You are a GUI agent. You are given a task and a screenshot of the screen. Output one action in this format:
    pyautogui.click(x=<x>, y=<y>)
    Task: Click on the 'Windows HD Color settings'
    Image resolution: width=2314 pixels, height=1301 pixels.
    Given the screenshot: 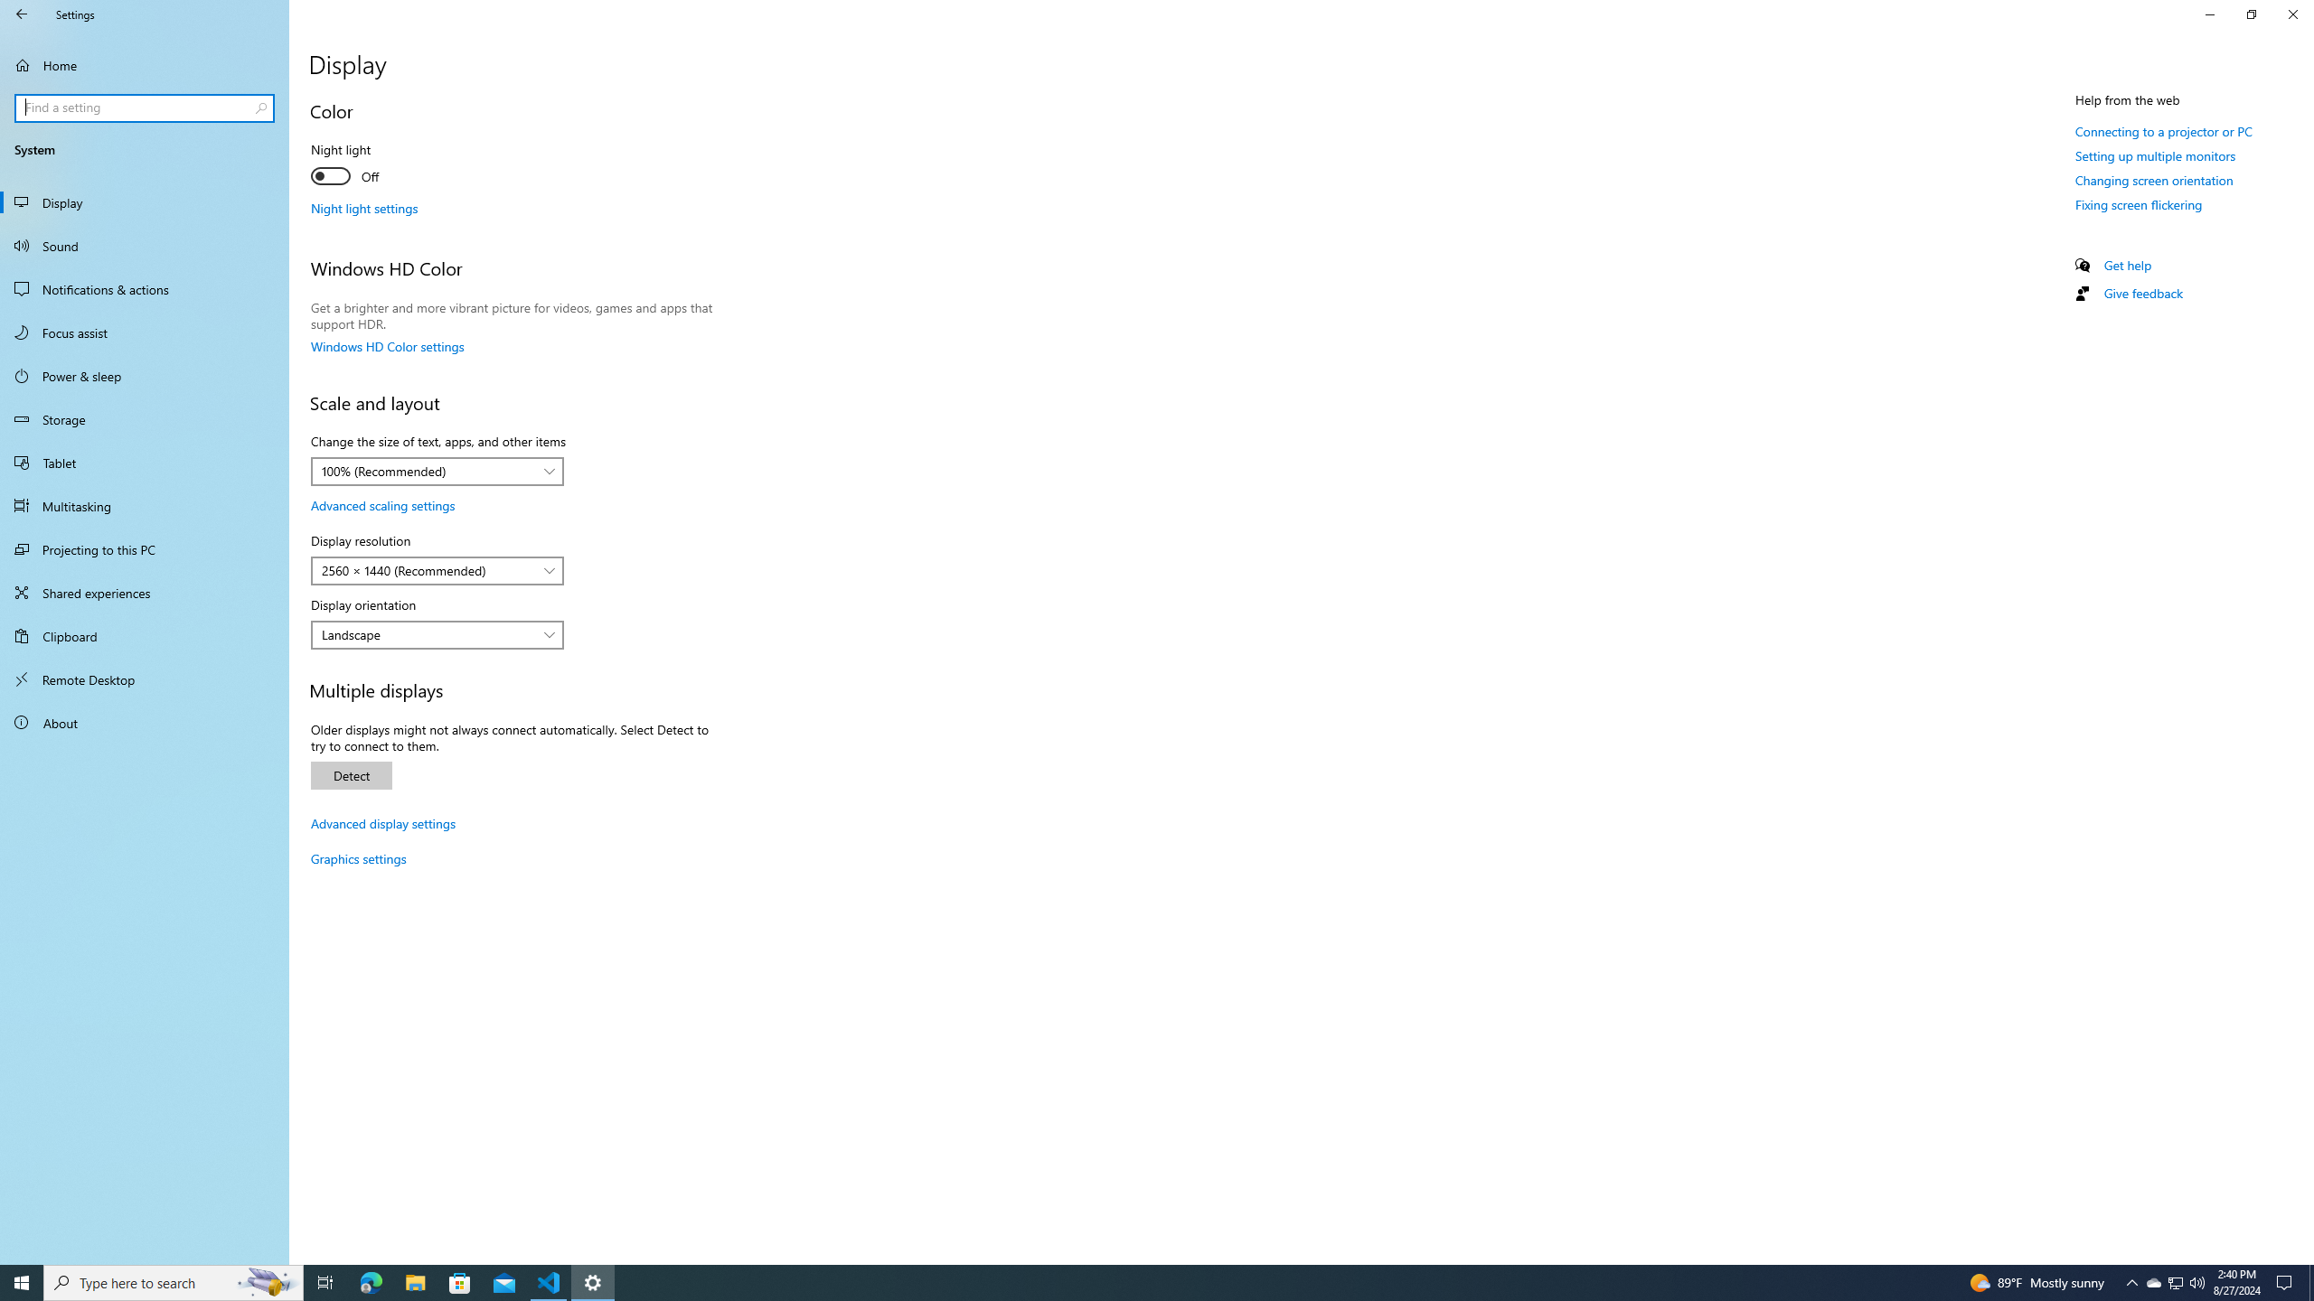 What is the action you would take?
    pyautogui.click(x=387, y=345)
    